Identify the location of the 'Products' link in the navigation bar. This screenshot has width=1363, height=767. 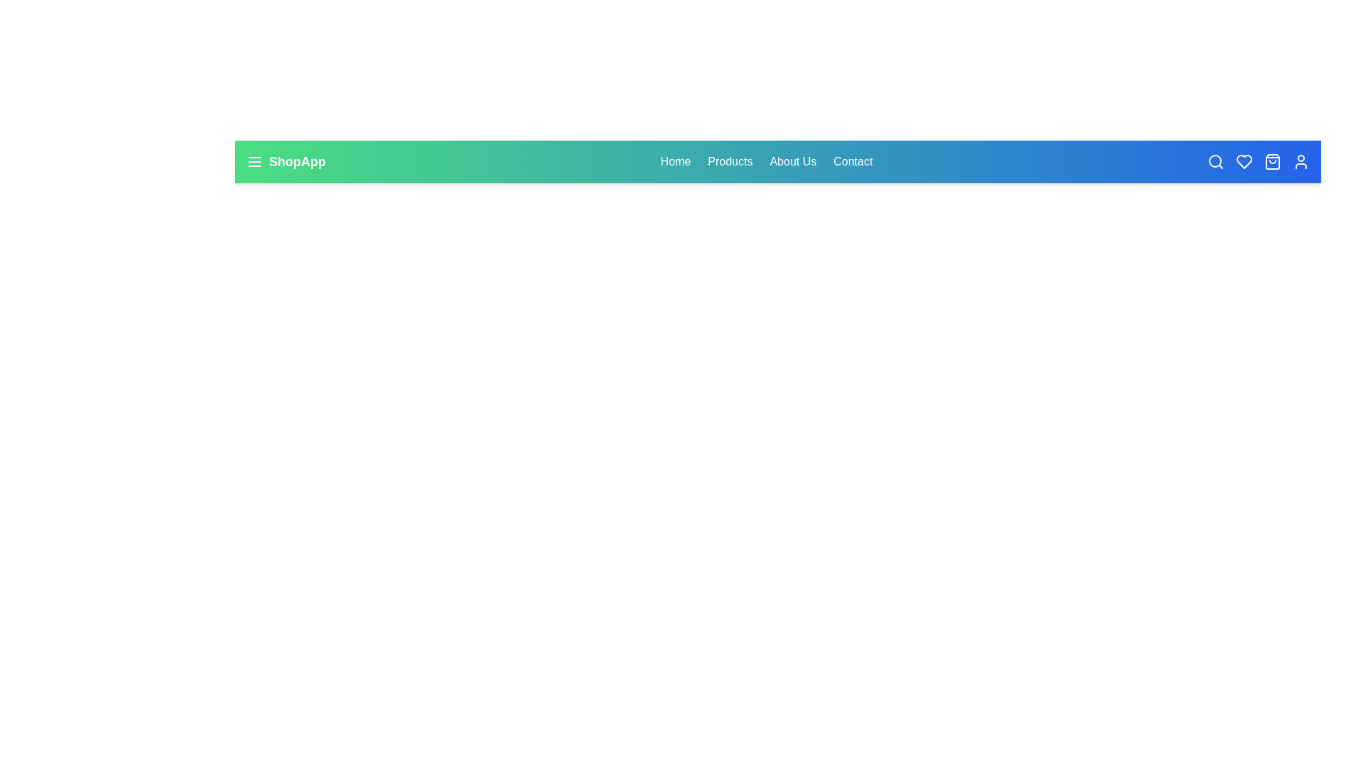
(729, 161).